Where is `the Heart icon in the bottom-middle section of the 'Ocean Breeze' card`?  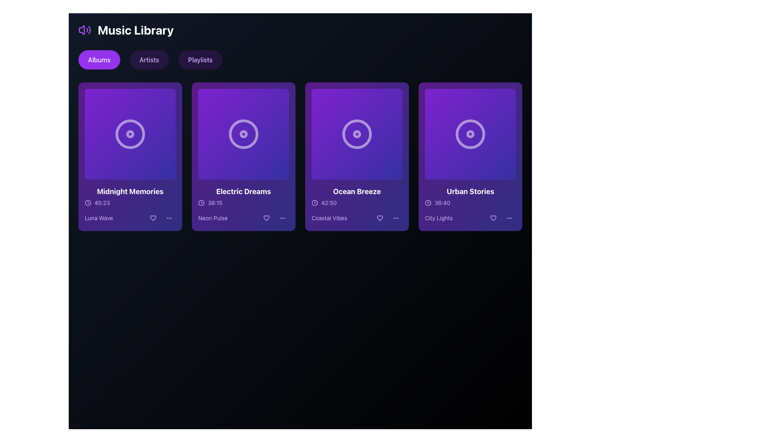
the Heart icon in the bottom-middle section of the 'Ocean Breeze' card is located at coordinates (380, 218).